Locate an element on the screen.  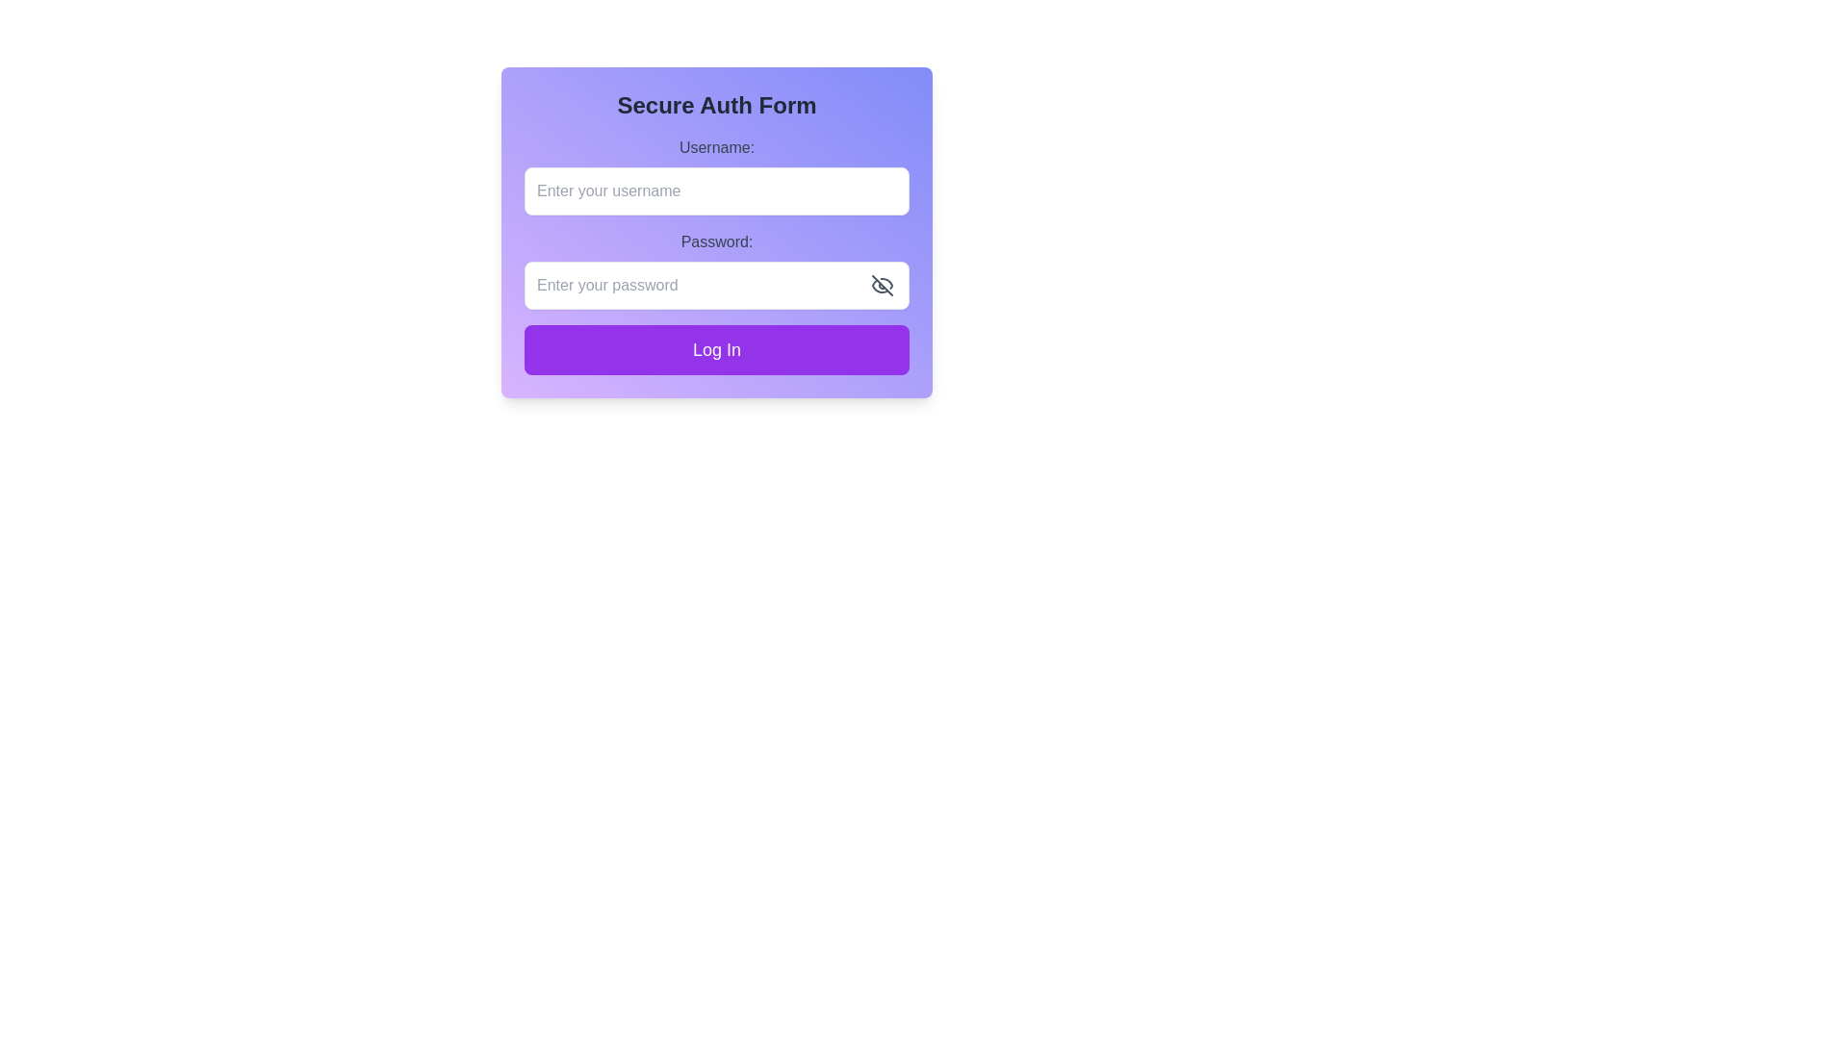
the text label that indicates the purpose of the adjacent input field for entering the username, located at the upper section of the form is located at coordinates (715, 147).